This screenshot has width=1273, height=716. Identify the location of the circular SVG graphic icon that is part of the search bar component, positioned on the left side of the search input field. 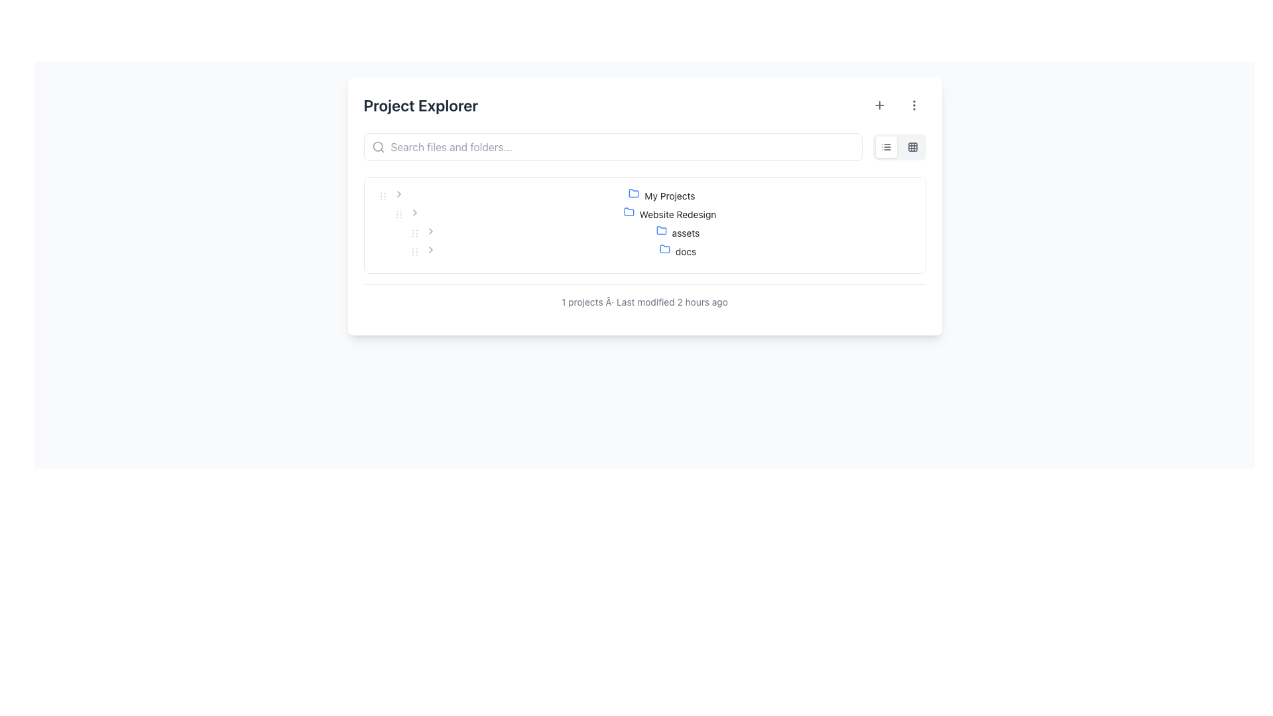
(377, 147).